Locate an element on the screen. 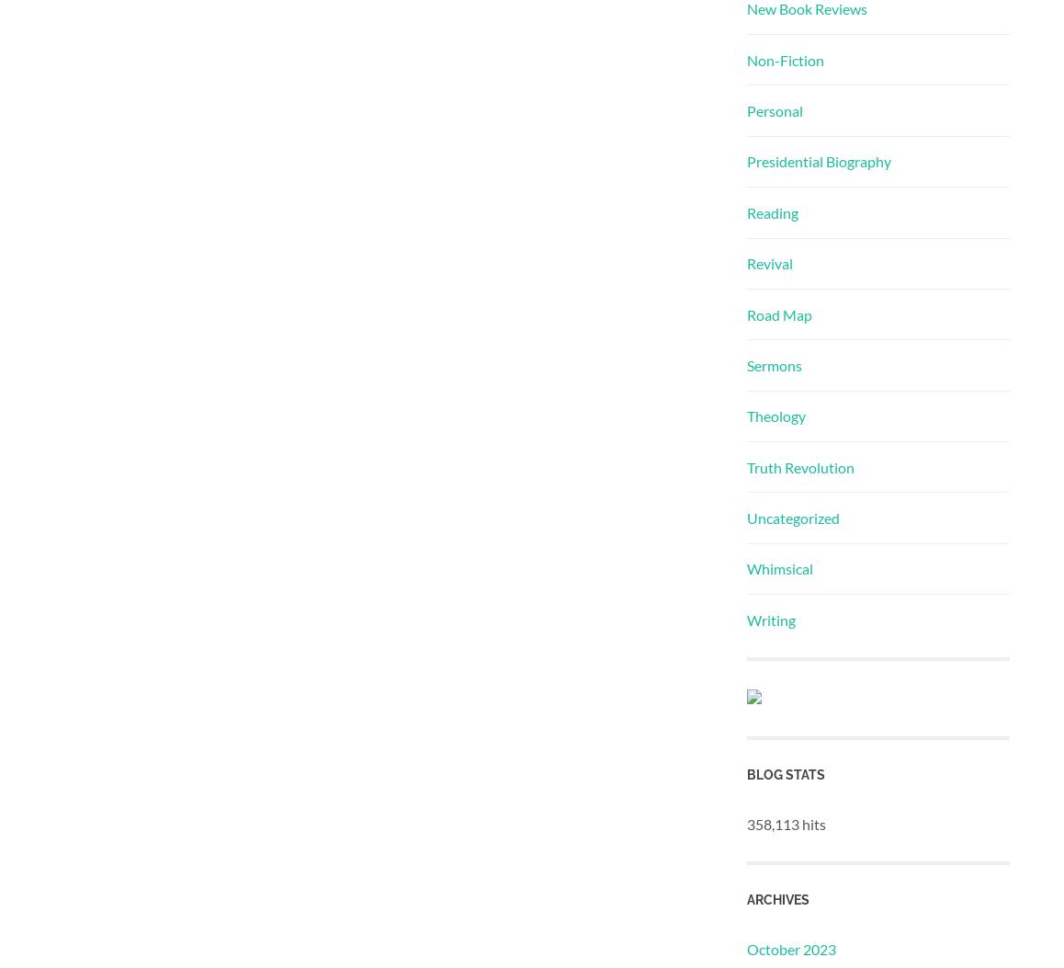  '358,113 hits' is located at coordinates (785, 823).